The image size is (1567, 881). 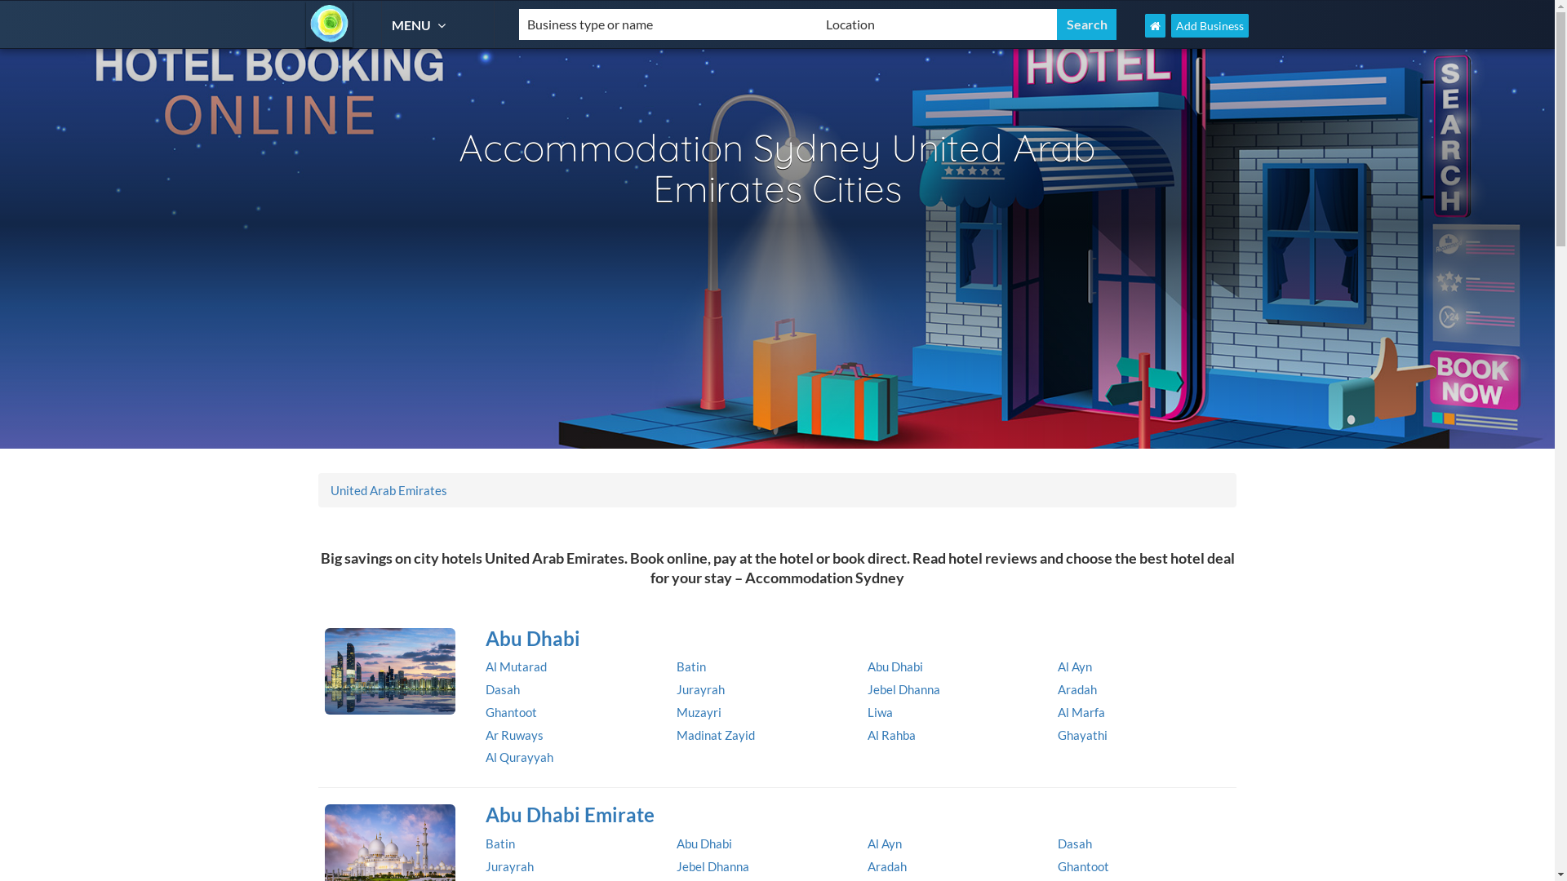 I want to click on 'Ar Ruways', so click(x=513, y=735).